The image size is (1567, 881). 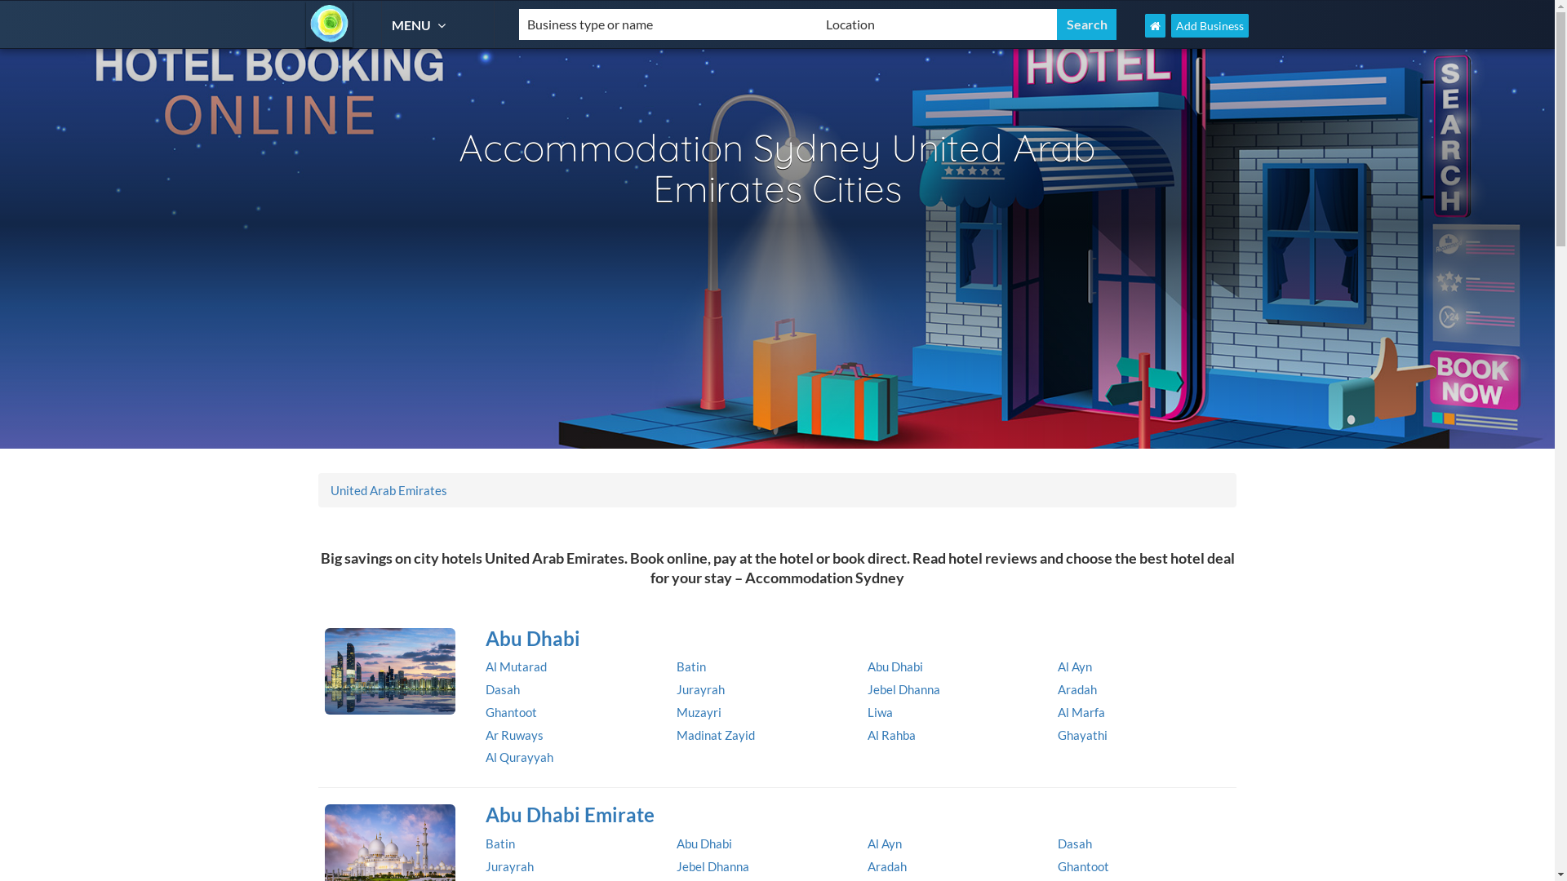 I want to click on 'Ar Ruways', so click(x=513, y=735).